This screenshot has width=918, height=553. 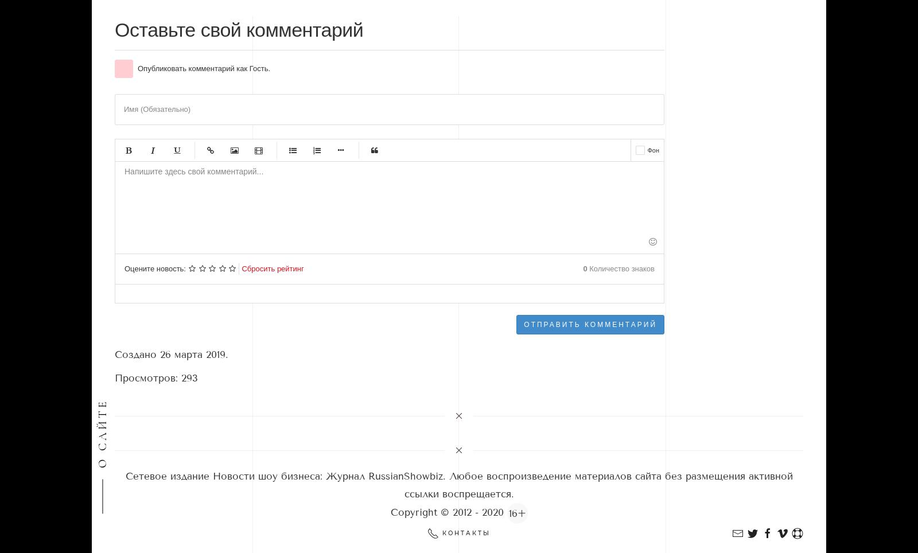 I want to click on '16+', so click(x=516, y=512).